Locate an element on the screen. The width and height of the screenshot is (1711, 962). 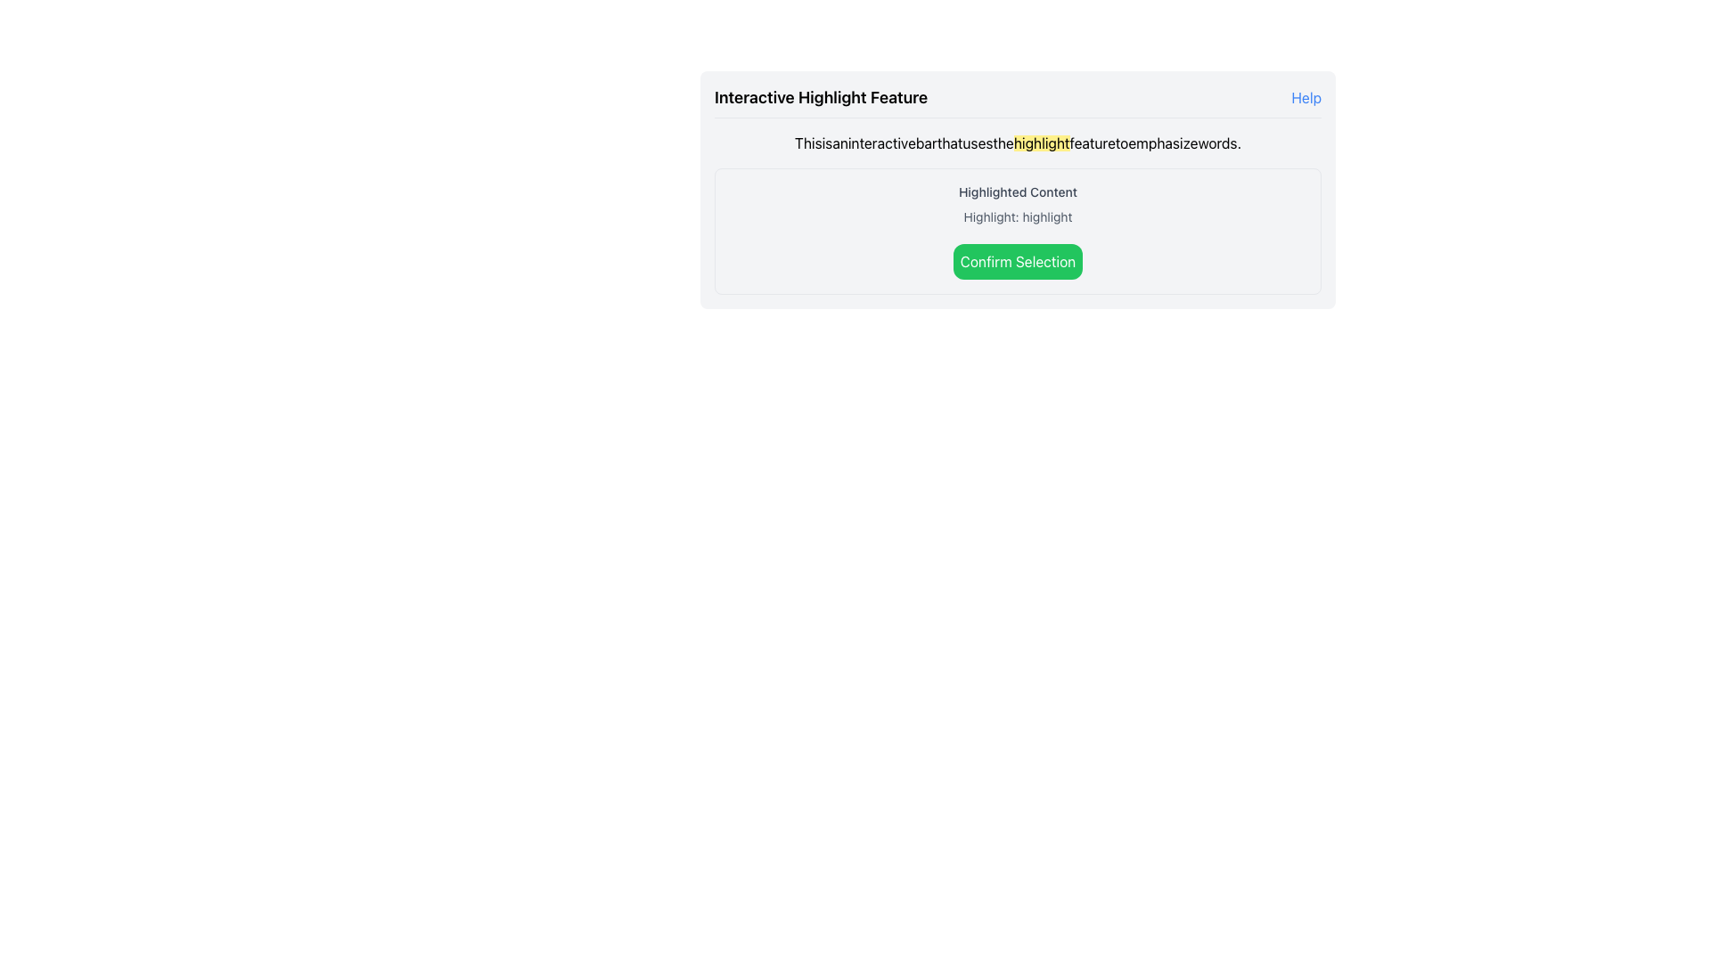
the word 'interactive' in the sentence 'This is an interactive bar that uses the highlight feature to emphasize words.' is located at coordinates (881, 143).